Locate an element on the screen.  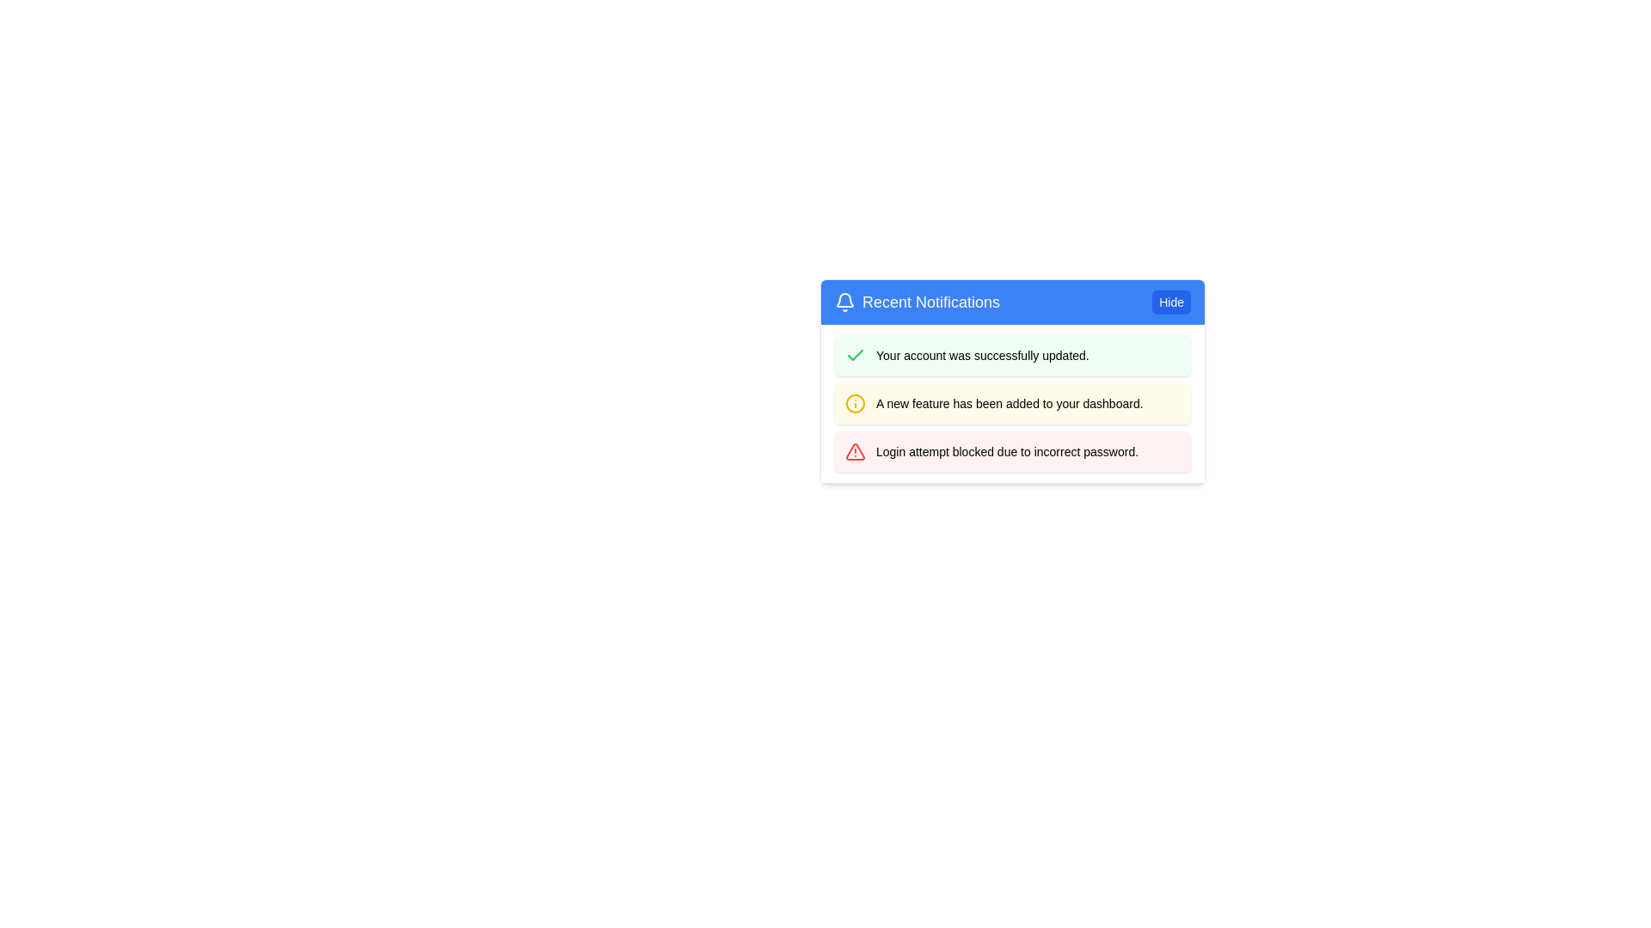
static text message displaying 'Your account was successfully updated.' which is part of a success notification, located next to a green check icon is located at coordinates (982, 354).